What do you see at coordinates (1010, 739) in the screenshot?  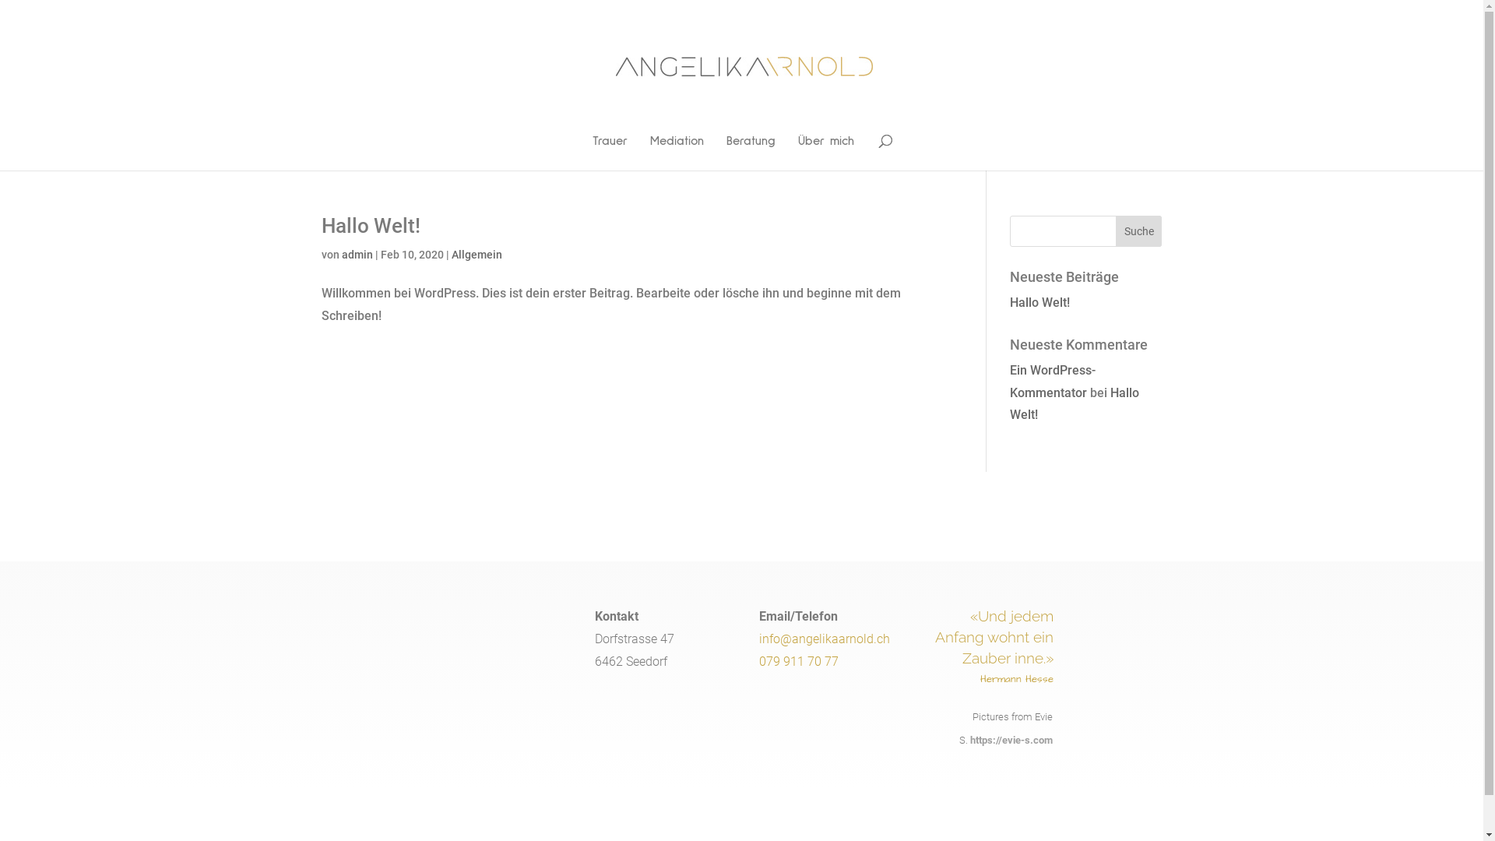 I see `' https://evie-s.com'` at bounding box center [1010, 739].